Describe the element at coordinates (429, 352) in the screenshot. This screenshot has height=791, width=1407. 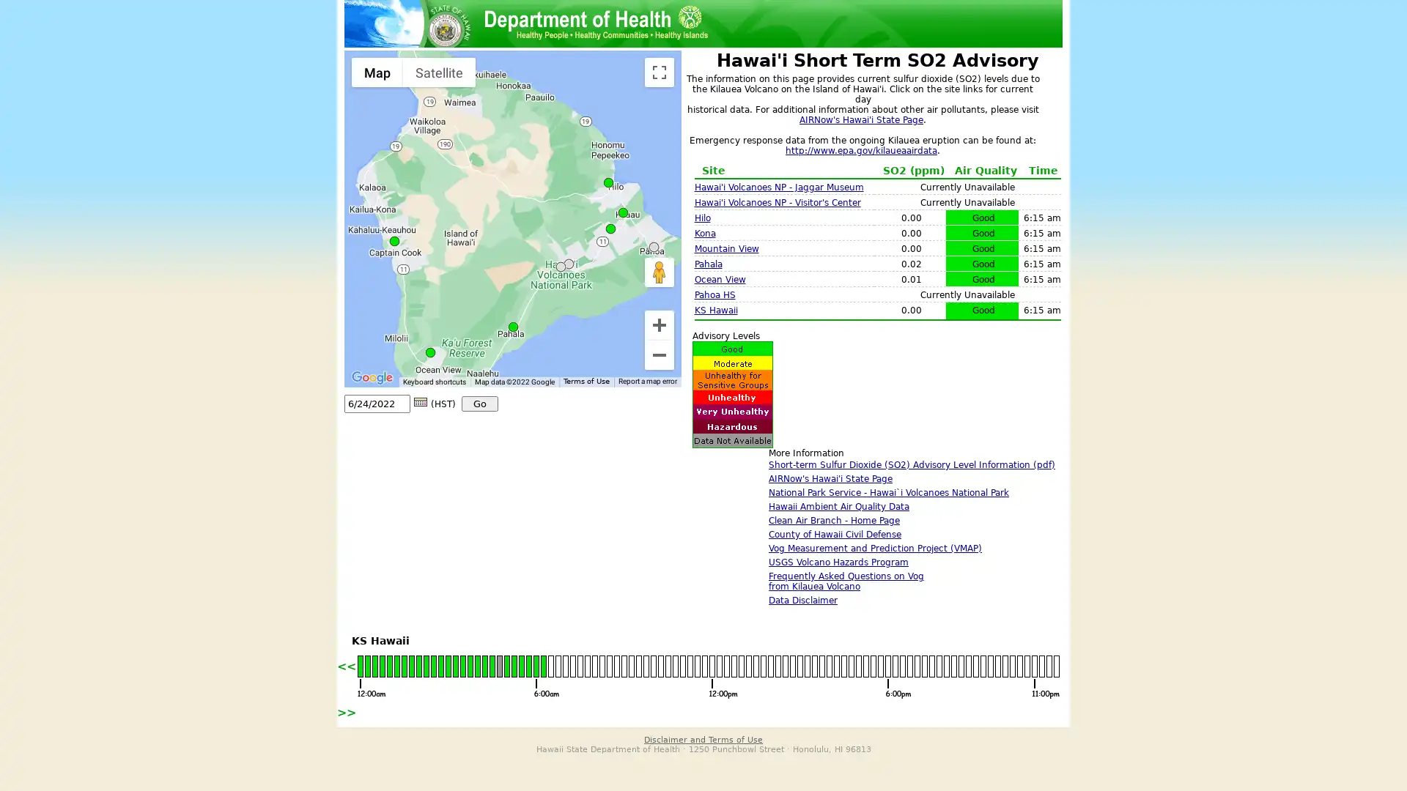
I see `Ocean View: SO2 0.01 ppm (Good) on 06/24 at 06:15 am` at that location.